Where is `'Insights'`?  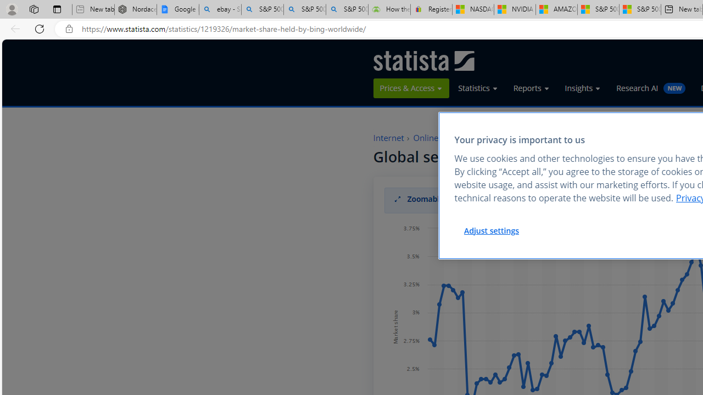
'Insights' is located at coordinates (582, 87).